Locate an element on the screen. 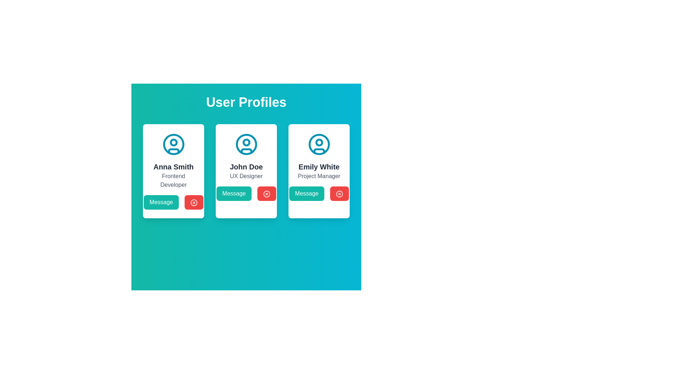 The width and height of the screenshot is (695, 391). the circular user profile picture icon in cyan color representing 'Emily White', located at the top of her card layout is located at coordinates (319, 144).